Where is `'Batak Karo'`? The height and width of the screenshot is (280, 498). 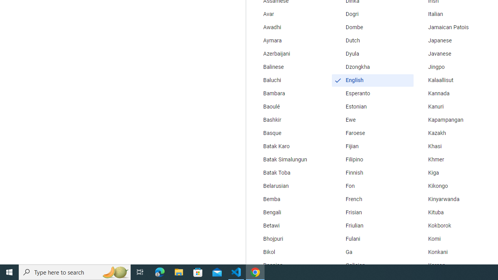
'Batak Karo' is located at coordinates (289, 146).